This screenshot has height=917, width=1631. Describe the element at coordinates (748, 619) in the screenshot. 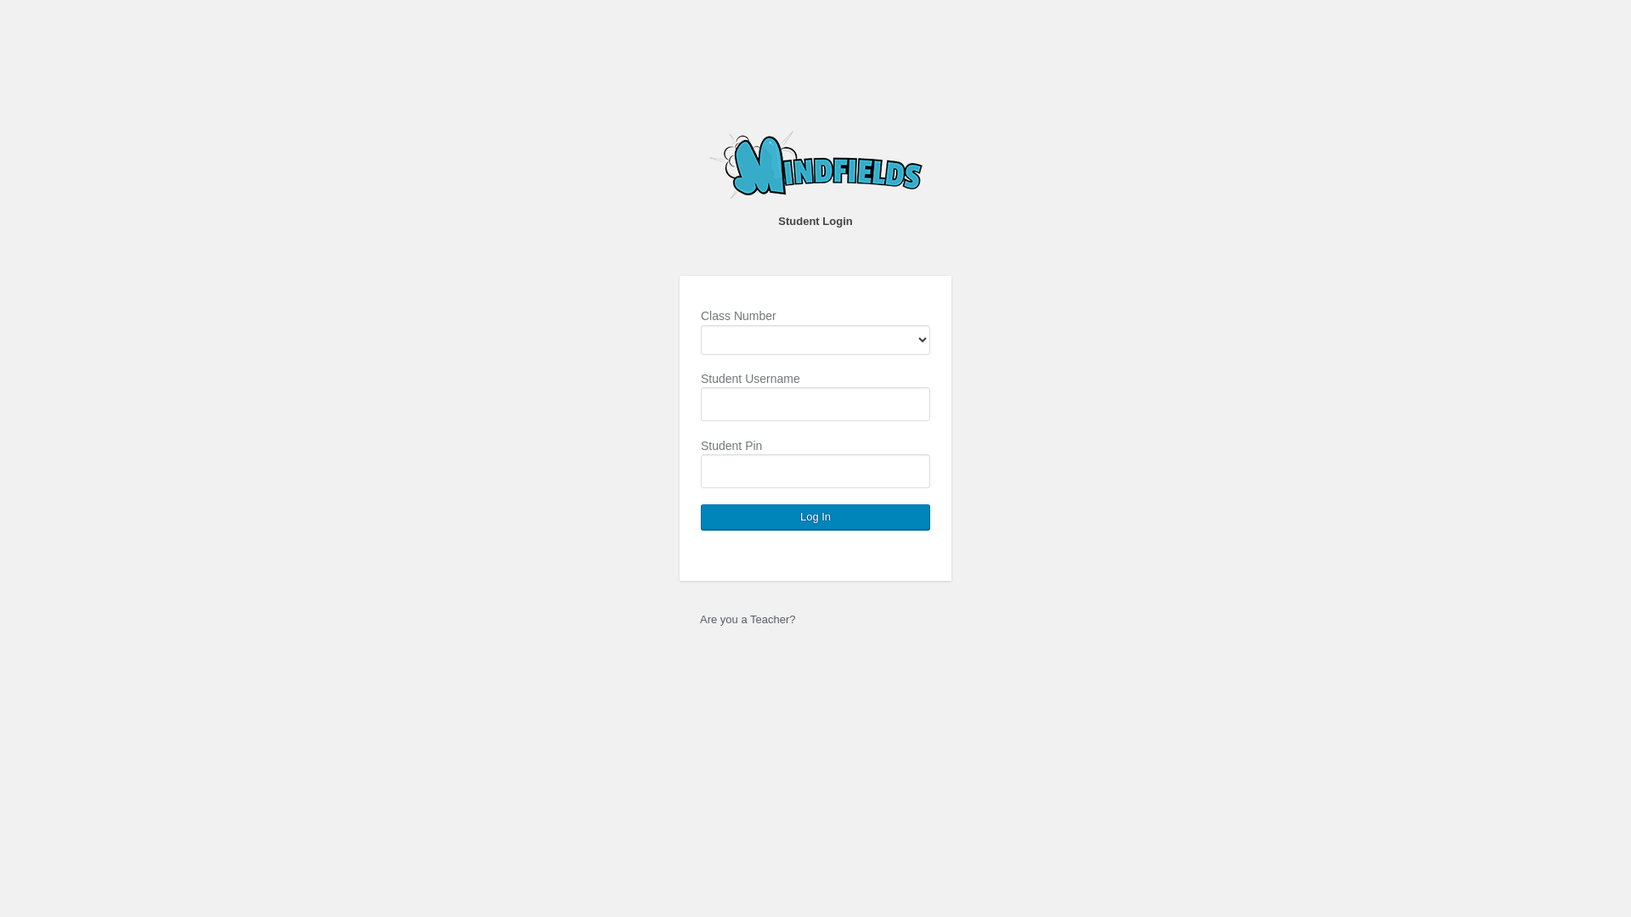

I see `'Are you a Teacher?'` at that location.